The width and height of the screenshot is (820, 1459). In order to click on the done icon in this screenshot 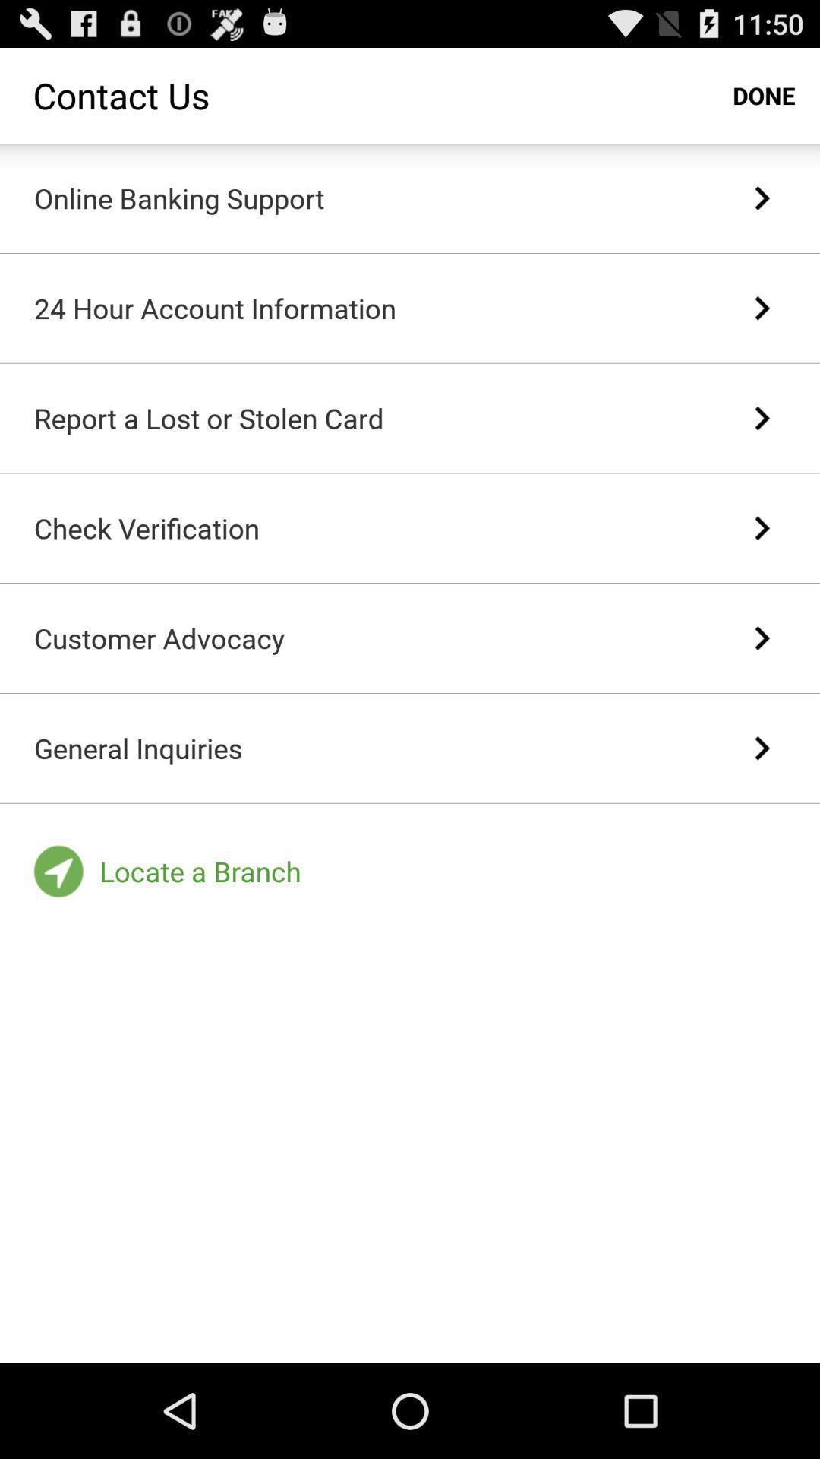, I will do `click(764, 94)`.